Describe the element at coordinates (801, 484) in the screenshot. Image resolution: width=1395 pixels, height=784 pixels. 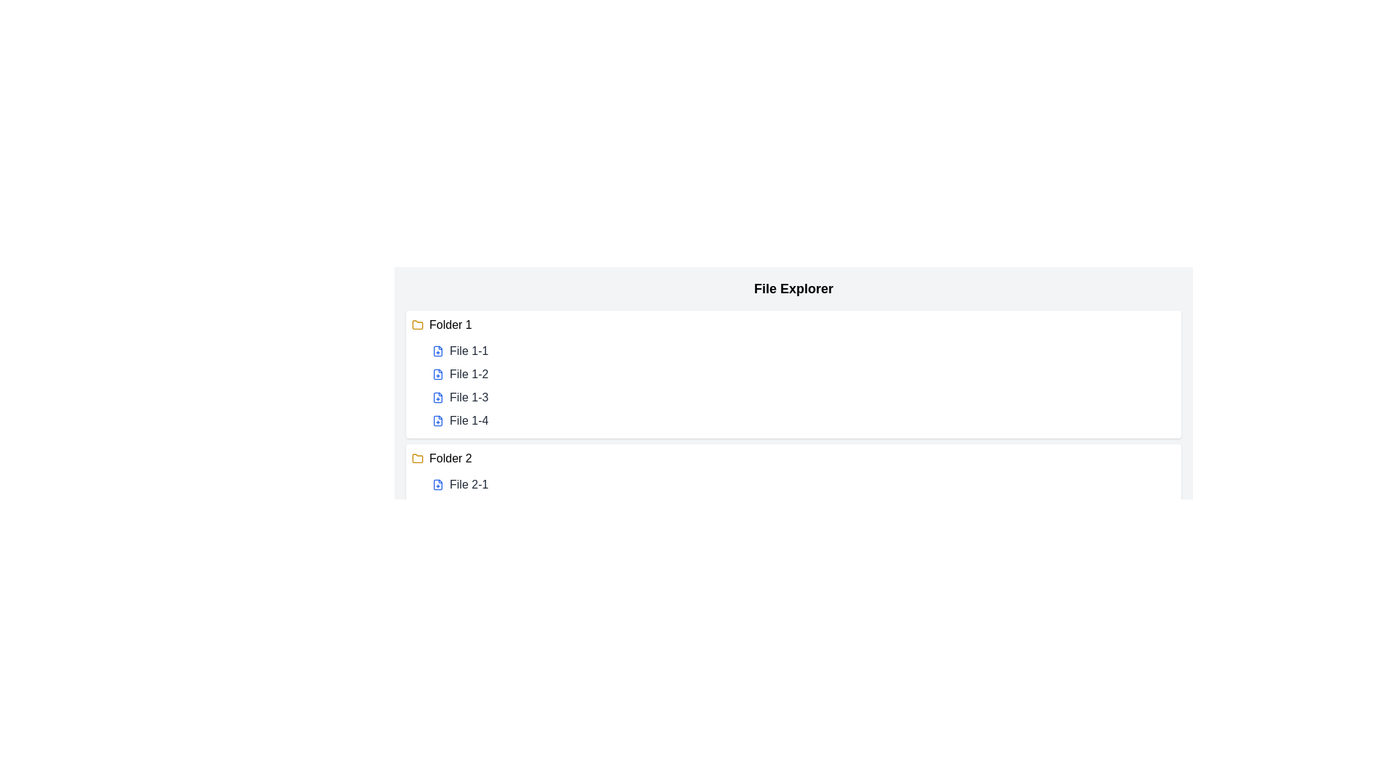
I see `to select the list item labeled 'File 2-1' in the file explorer interface, which is the first item under the 'Folder 2' section` at that location.